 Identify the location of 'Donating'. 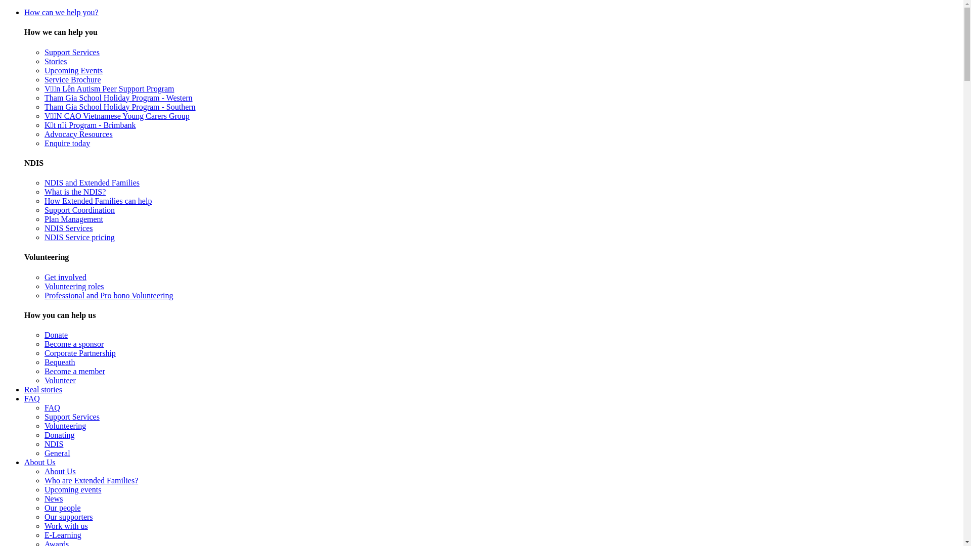
(59, 434).